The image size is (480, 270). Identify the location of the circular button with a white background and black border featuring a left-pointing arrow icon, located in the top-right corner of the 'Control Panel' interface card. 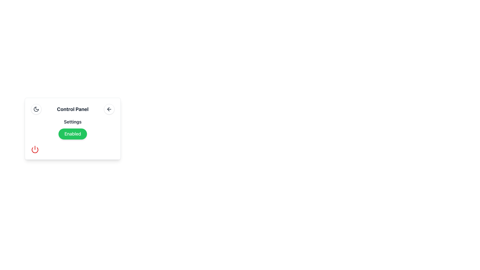
(109, 109).